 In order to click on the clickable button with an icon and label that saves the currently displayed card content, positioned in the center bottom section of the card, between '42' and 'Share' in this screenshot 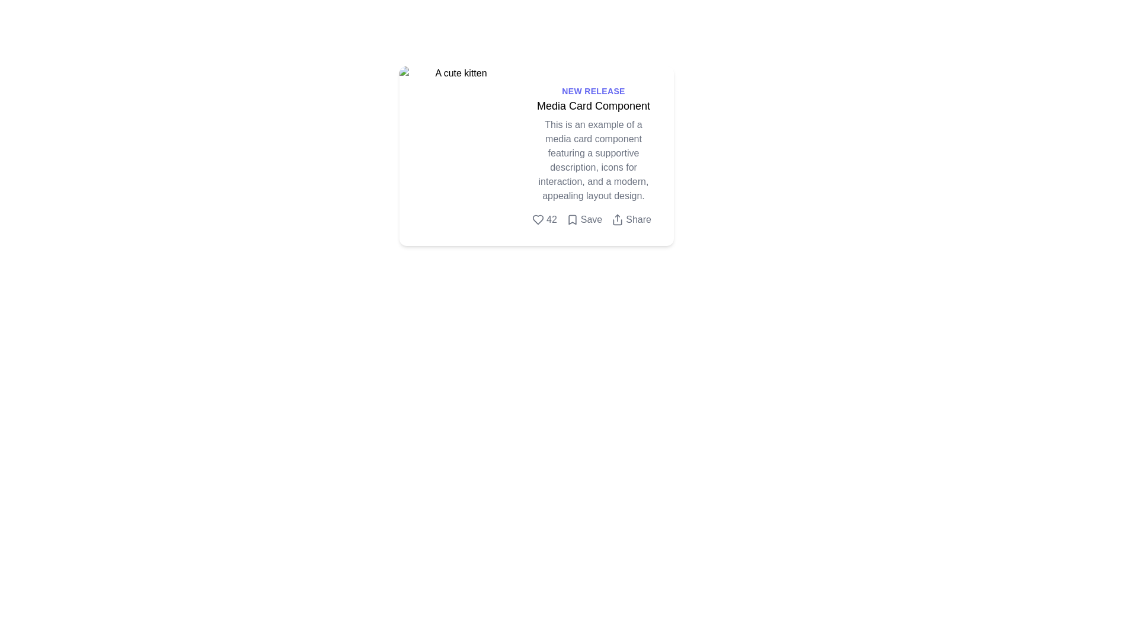, I will do `click(584, 219)`.